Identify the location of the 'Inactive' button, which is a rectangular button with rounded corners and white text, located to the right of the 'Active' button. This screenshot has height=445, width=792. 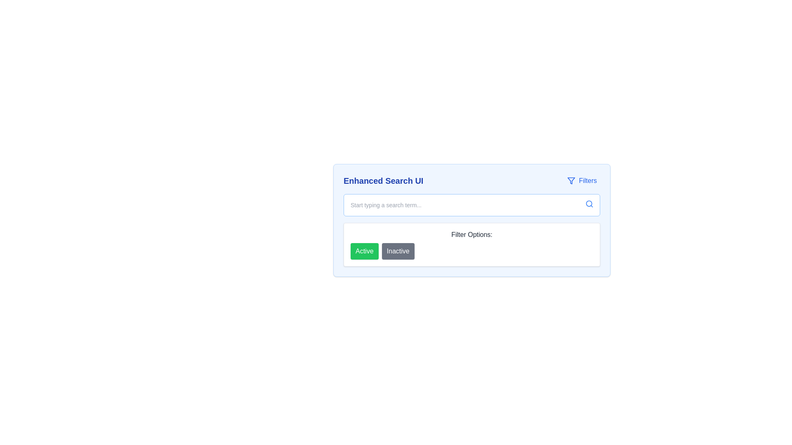
(398, 251).